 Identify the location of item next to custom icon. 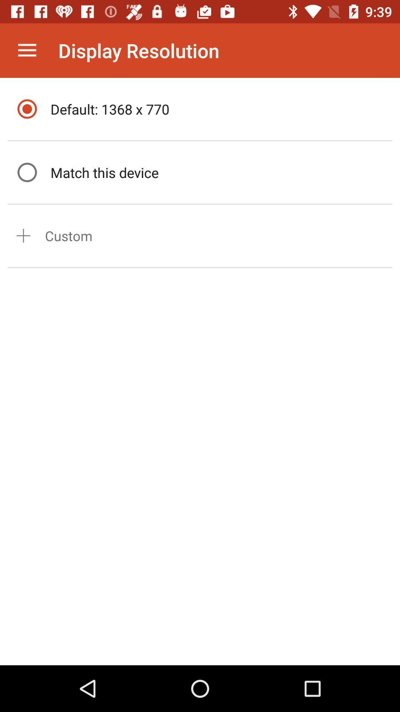
(23, 235).